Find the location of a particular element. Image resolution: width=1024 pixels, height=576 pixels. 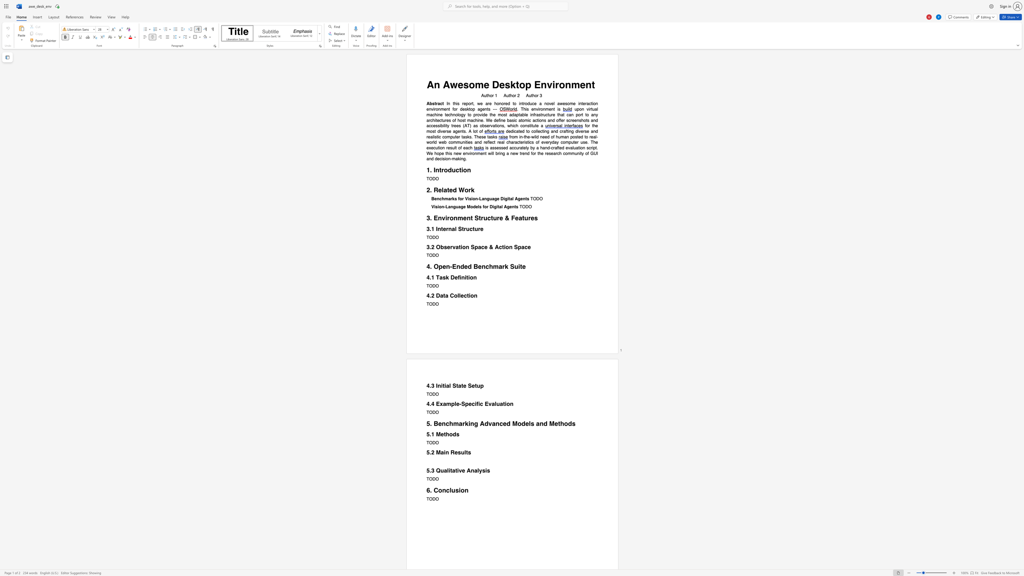

the subset text "tu" within the text "3.1 Internal Structure" is located at coordinates (472, 229).